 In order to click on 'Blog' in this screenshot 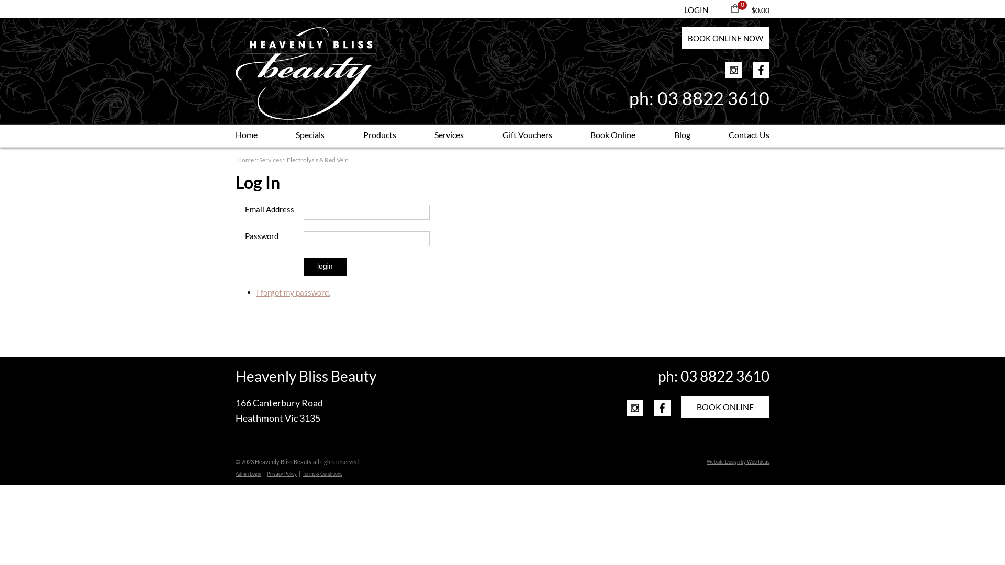, I will do `click(682, 135)`.